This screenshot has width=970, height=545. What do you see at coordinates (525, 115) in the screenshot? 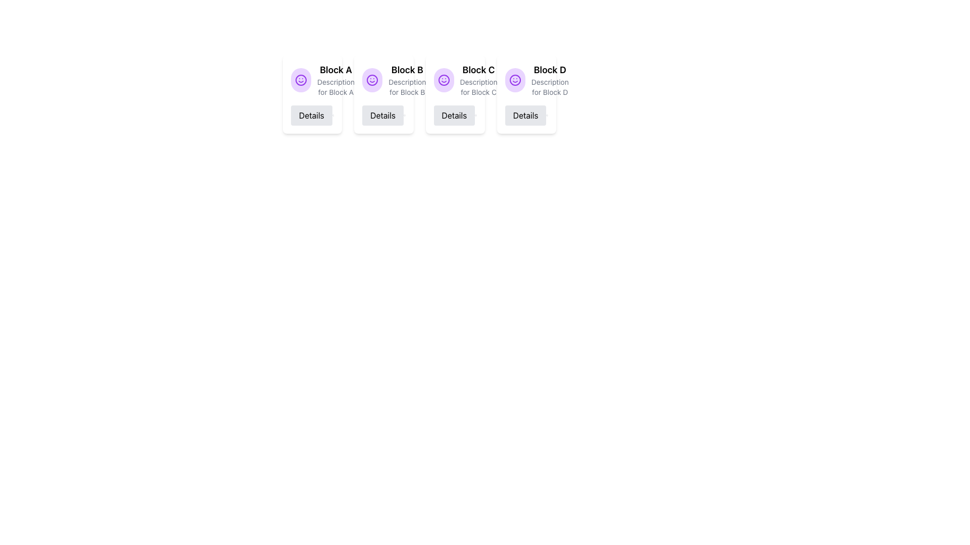
I see `the button located under the title 'Block D'` at bounding box center [525, 115].